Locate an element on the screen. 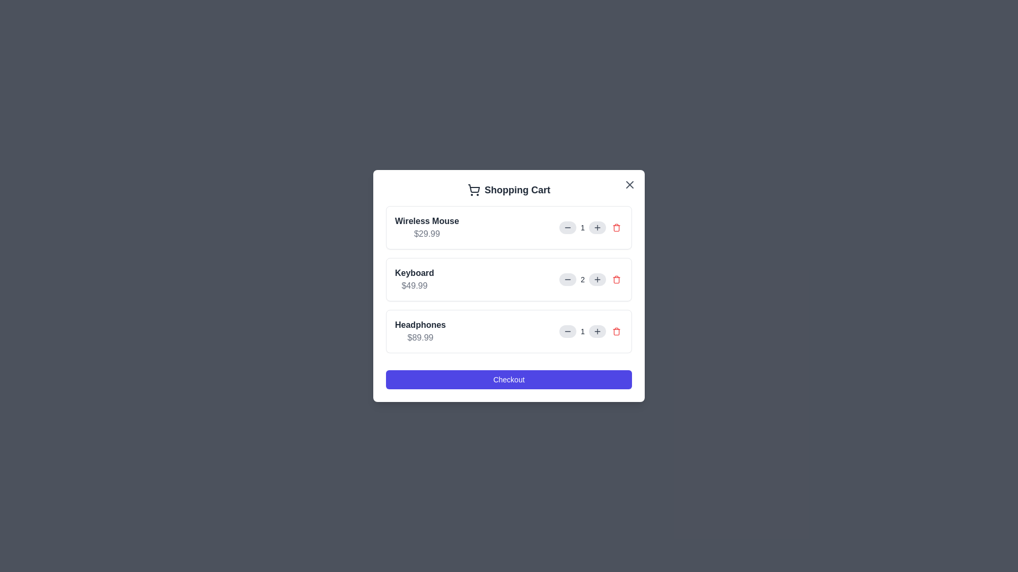 The image size is (1018, 572). the shopping cart icon located in the modal header, to the left of the text 'Shopping Cart' is located at coordinates (473, 189).